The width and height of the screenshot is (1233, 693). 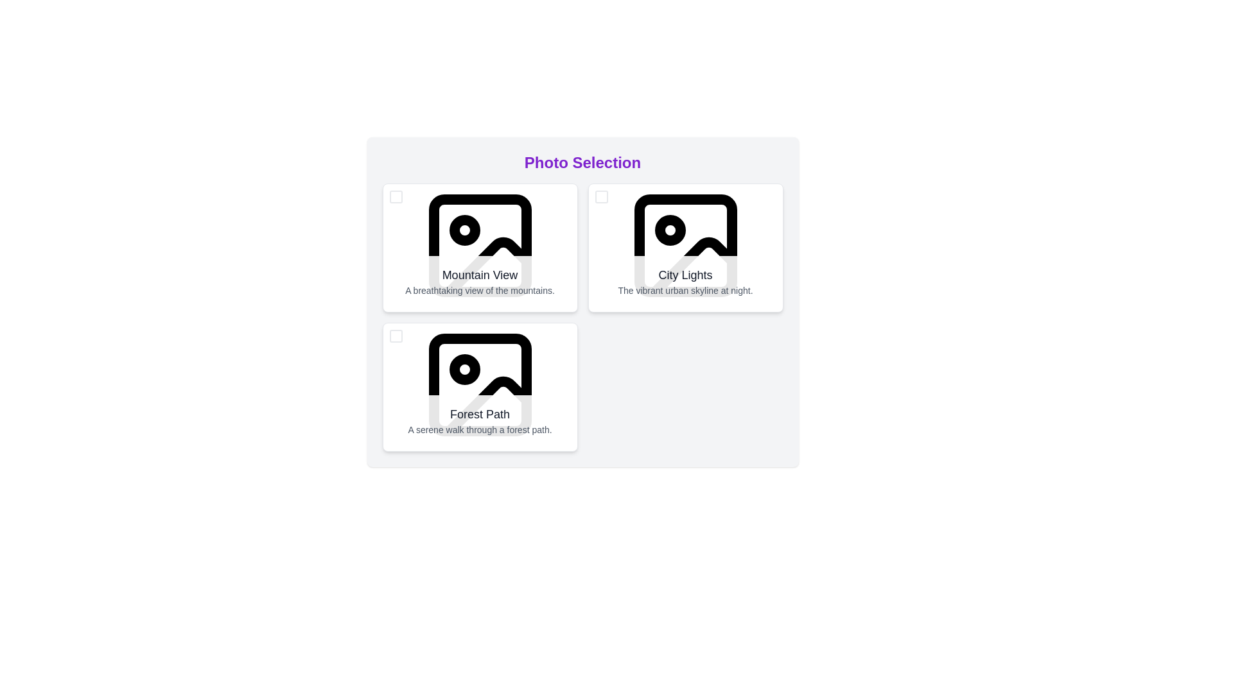 What do you see at coordinates (464, 229) in the screenshot?
I see `the circular graphic located inside the 'Mountain View' thumbnail, which serves as a decorative feature within the photo frame` at bounding box center [464, 229].